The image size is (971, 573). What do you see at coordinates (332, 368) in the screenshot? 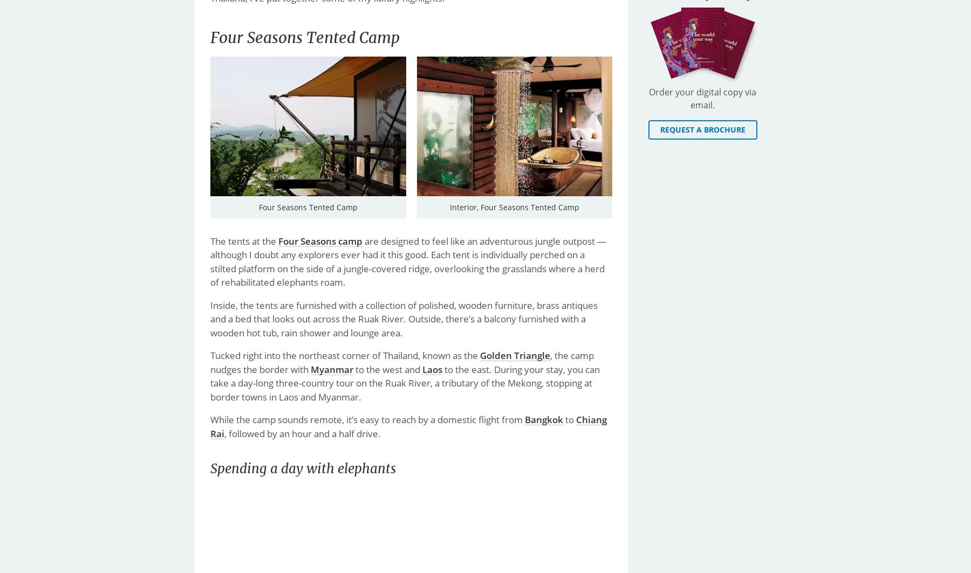
I see `'Myanmar'` at bounding box center [332, 368].